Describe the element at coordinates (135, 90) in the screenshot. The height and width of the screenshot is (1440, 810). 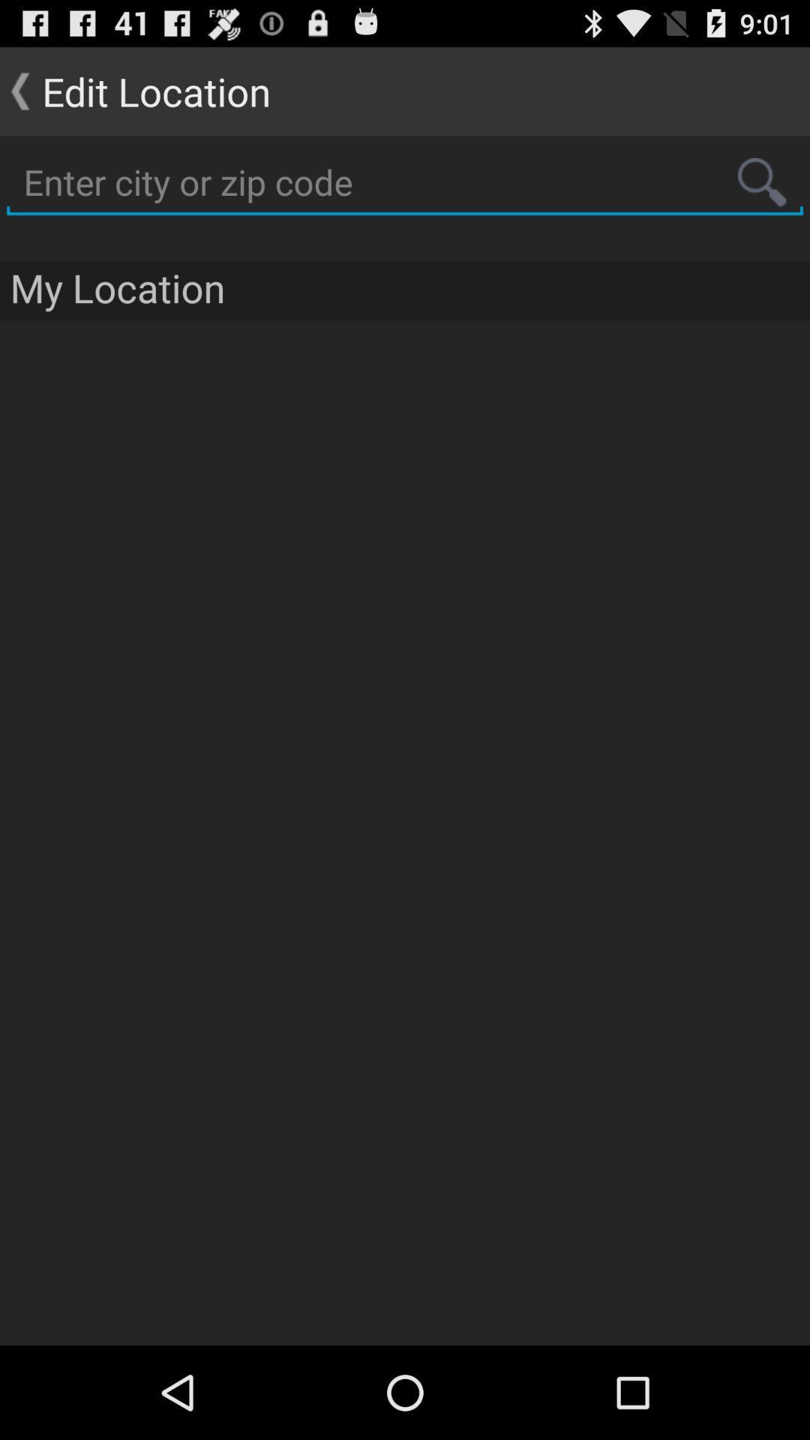
I see `the edit location item` at that location.